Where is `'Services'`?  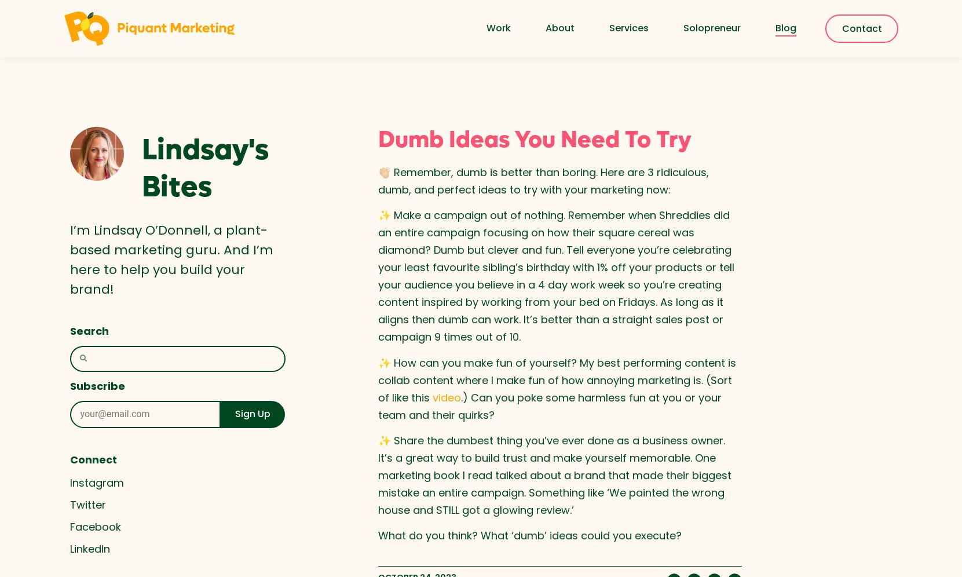
'Services' is located at coordinates (609, 27).